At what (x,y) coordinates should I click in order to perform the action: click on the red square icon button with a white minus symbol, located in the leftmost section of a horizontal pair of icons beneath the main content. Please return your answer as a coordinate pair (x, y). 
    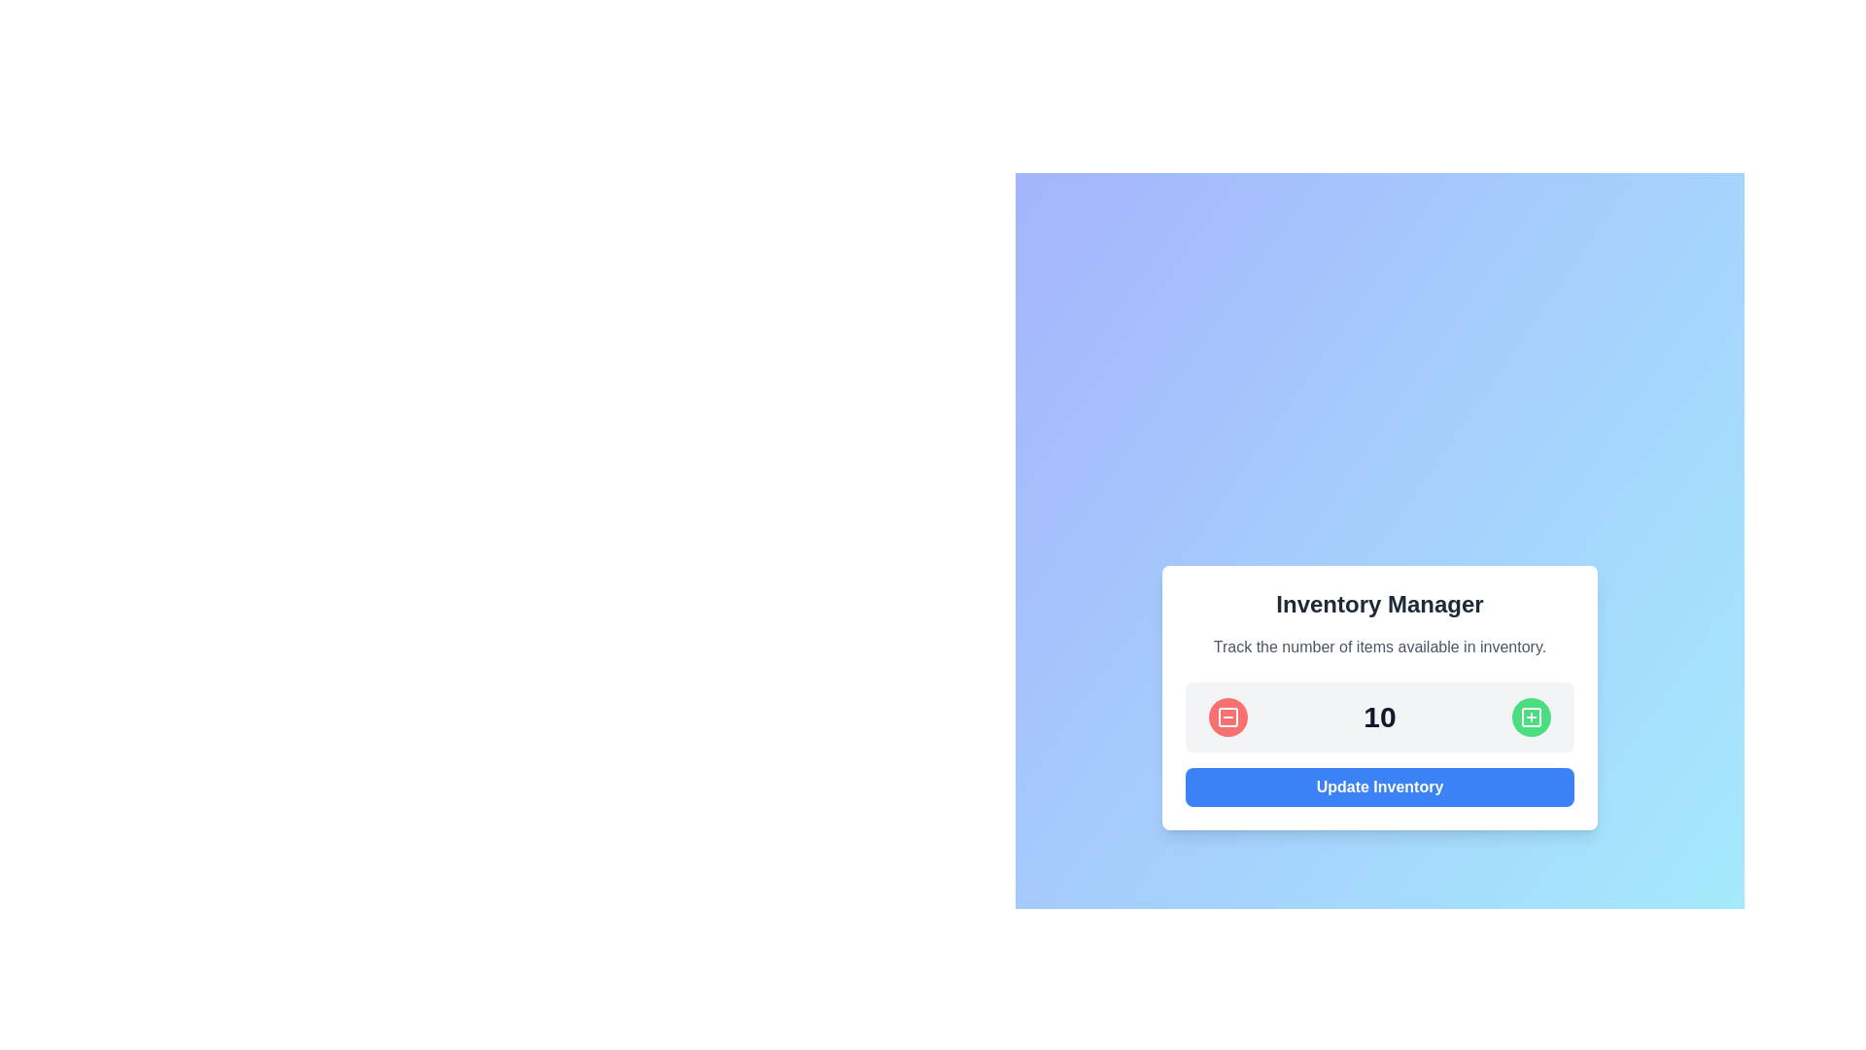
    Looking at the image, I should click on (1227, 717).